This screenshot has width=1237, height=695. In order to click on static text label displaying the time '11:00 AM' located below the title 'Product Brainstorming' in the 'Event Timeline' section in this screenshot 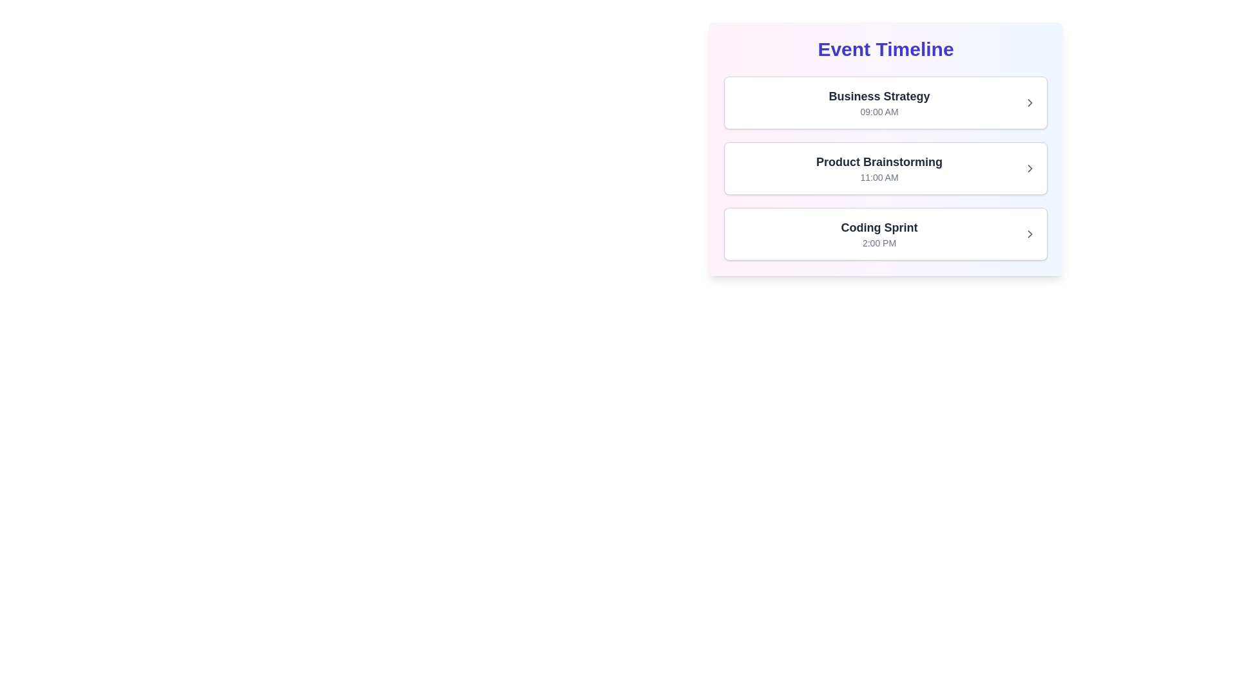, I will do `click(878, 178)`.